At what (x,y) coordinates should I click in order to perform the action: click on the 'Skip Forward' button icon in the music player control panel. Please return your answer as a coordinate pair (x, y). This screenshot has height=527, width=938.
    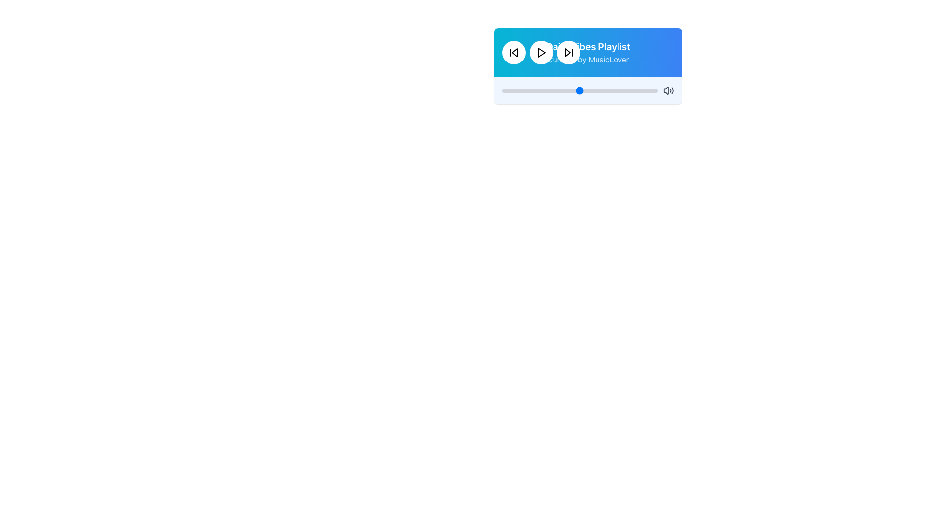
    Looking at the image, I should click on (567, 53).